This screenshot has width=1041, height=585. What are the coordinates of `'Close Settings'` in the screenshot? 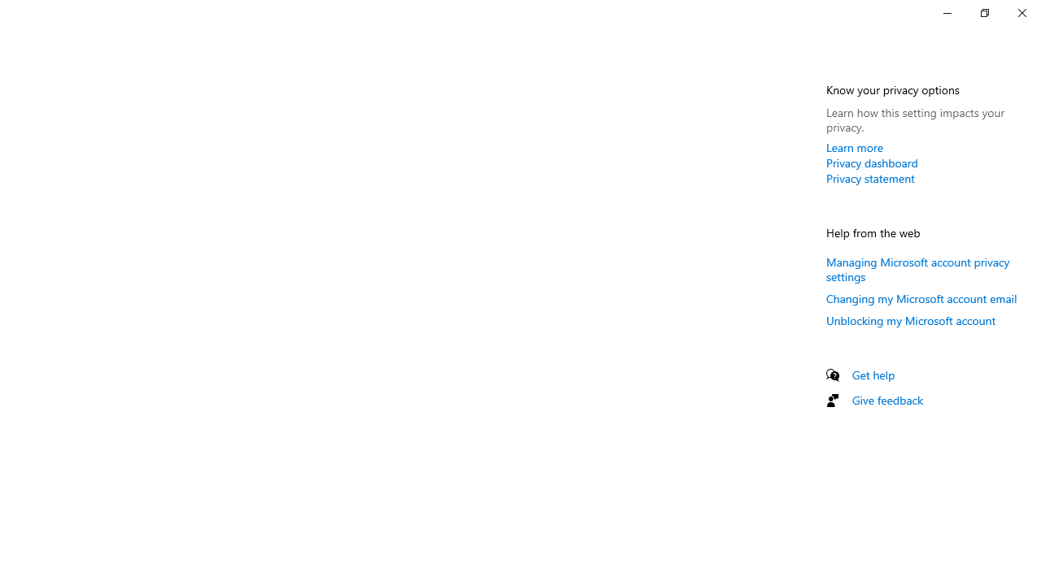 It's located at (1021, 12).